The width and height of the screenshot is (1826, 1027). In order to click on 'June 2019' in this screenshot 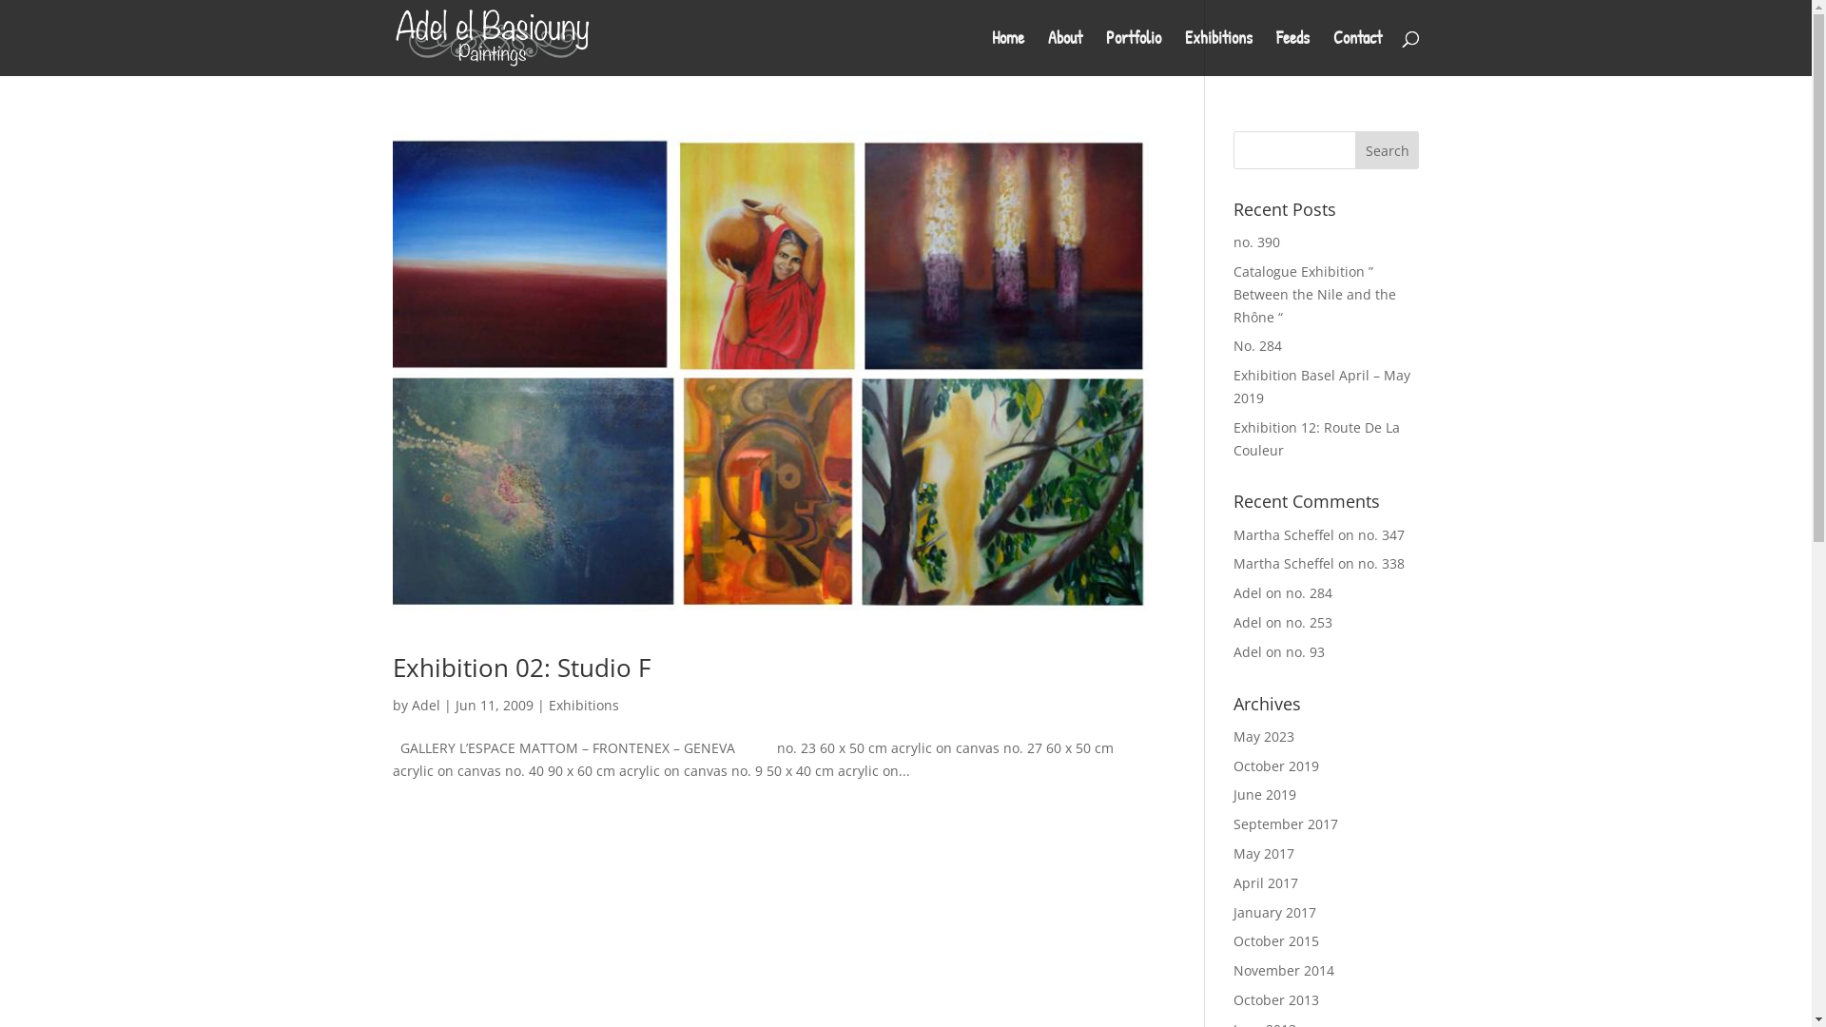, I will do `click(1264, 794)`.